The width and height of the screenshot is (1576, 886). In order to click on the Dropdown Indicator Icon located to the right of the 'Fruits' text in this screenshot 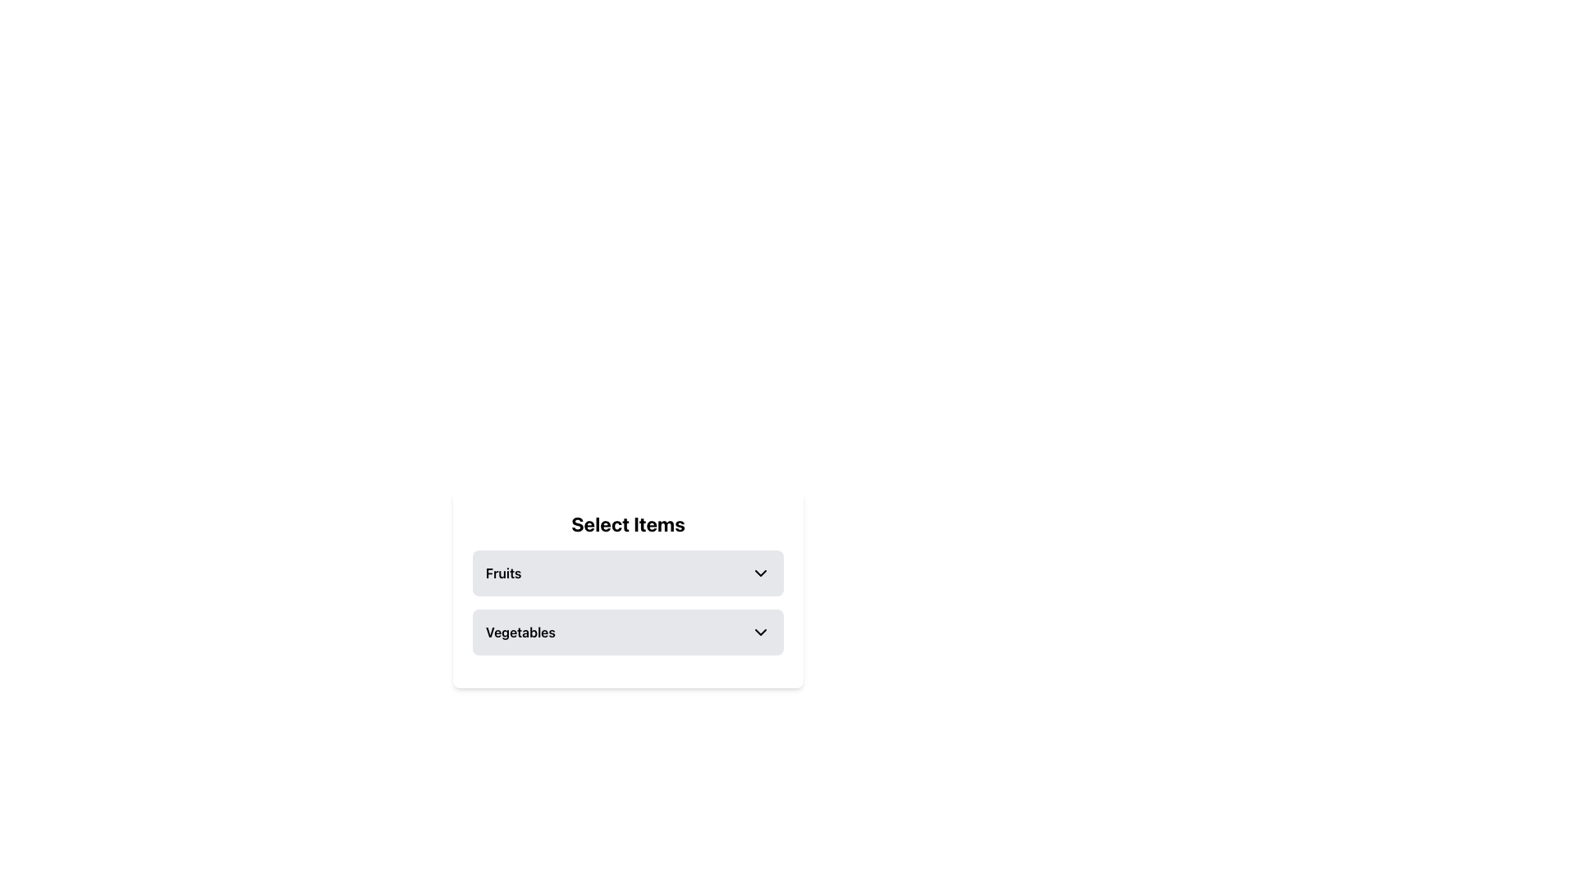, I will do `click(759, 572)`.